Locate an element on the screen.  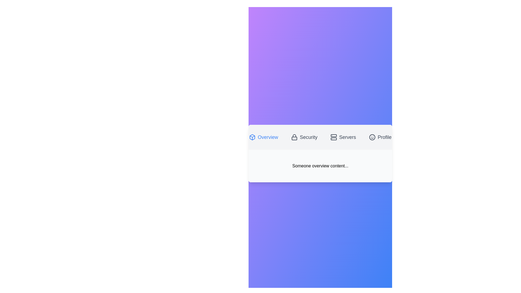
the 'Security' button in the navigation menu, which features a lock icon and gray text on a white background is located at coordinates (304, 137).